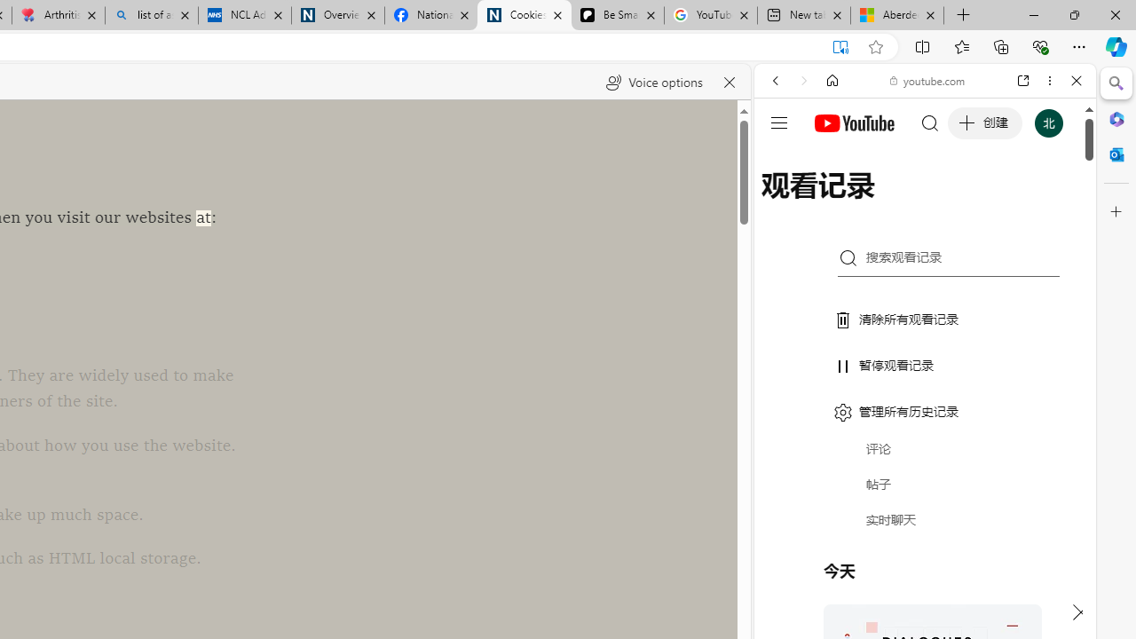  Describe the element at coordinates (969, 201) in the screenshot. I see `'SEARCH TOOLS'` at that location.